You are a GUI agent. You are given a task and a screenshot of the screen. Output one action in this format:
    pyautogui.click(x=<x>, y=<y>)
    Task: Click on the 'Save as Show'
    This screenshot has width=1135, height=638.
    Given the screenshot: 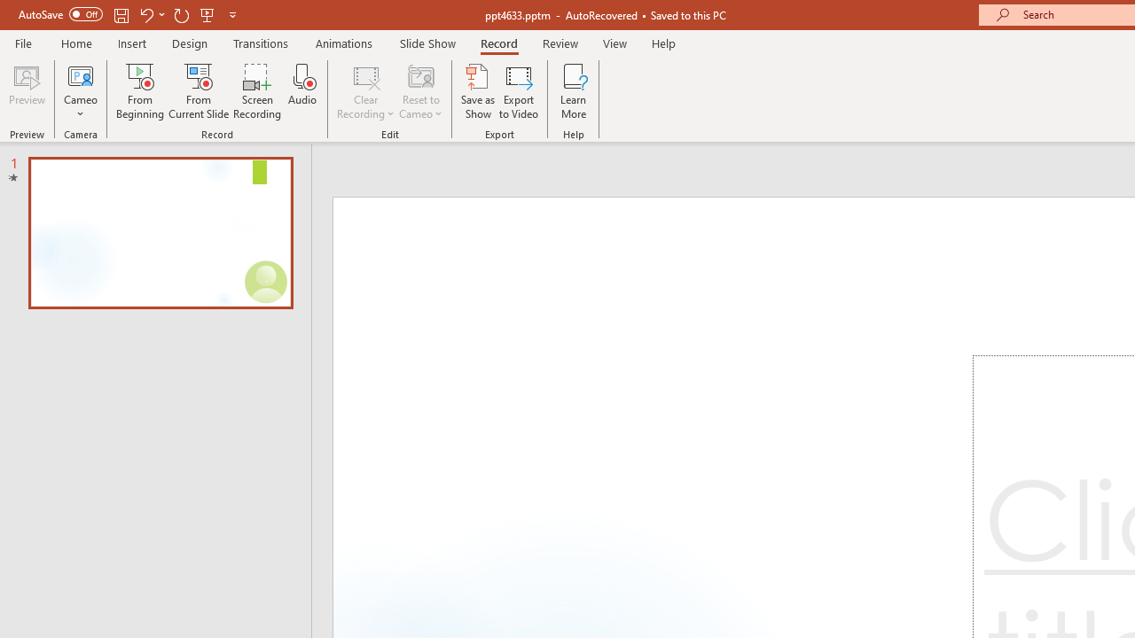 What is the action you would take?
    pyautogui.click(x=478, y=91)
    